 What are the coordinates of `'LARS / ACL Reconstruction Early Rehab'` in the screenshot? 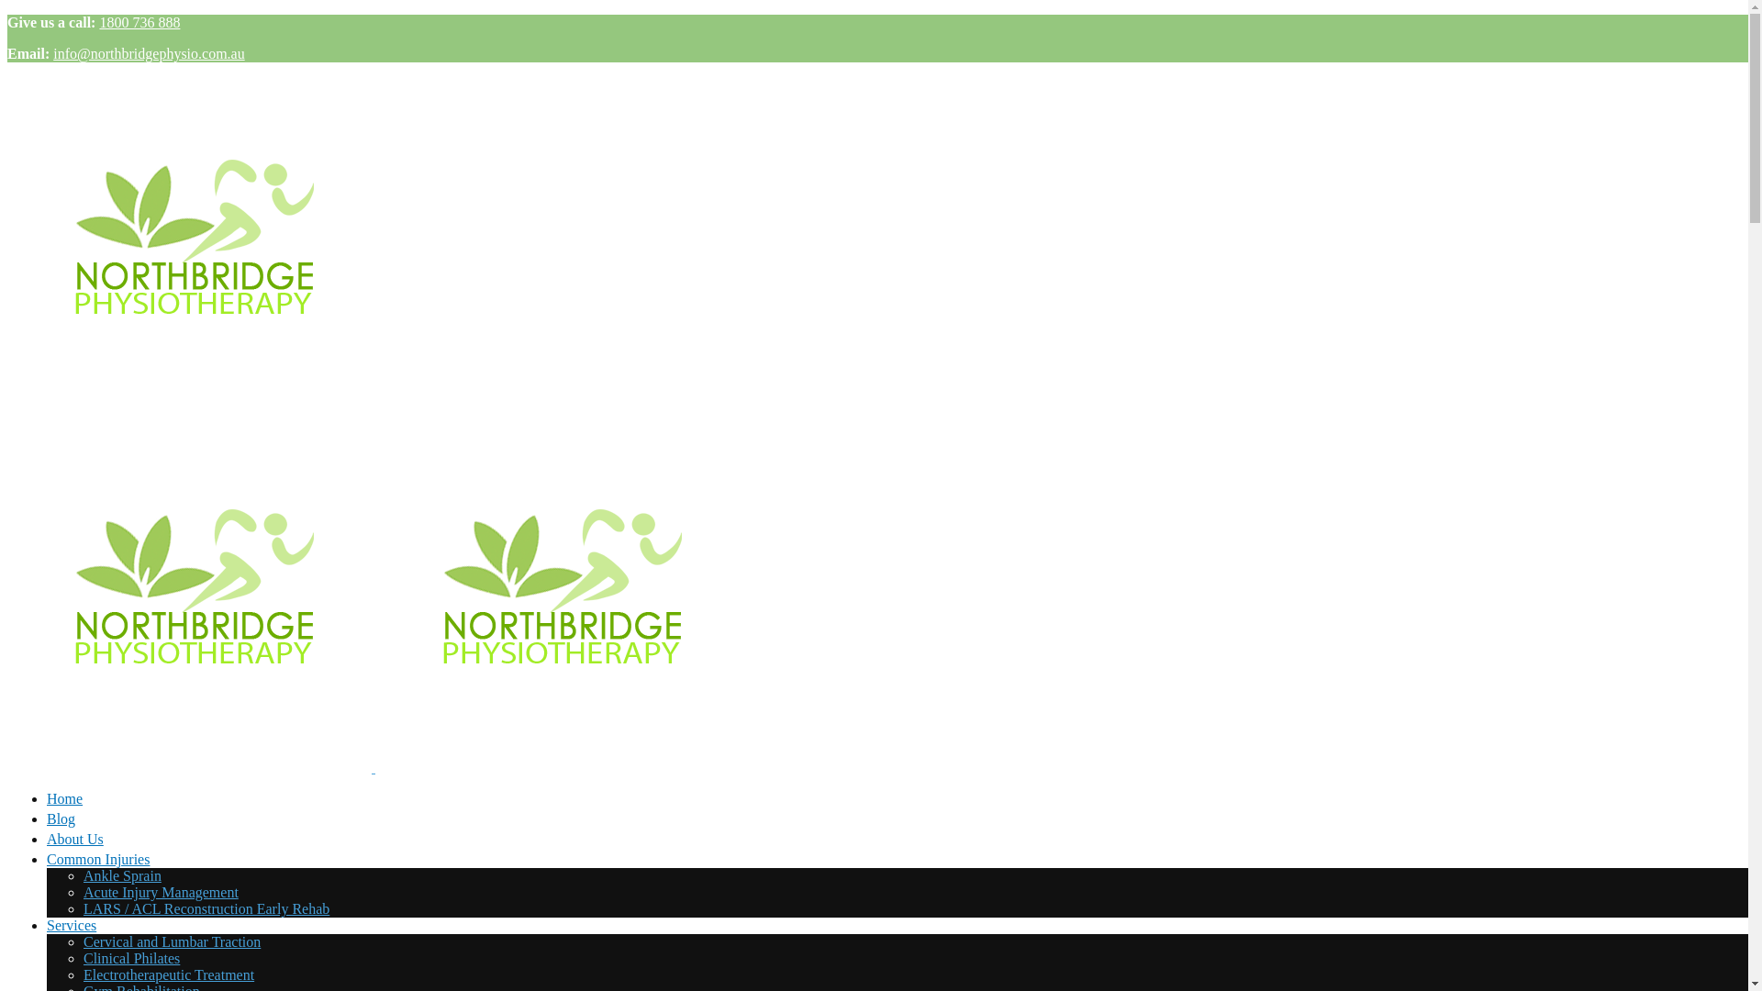 It's located at (206, 908).